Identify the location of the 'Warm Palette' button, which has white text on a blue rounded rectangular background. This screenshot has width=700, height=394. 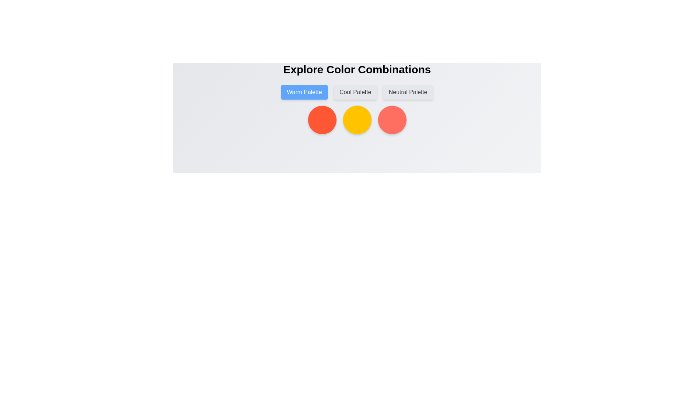
(304, 92).